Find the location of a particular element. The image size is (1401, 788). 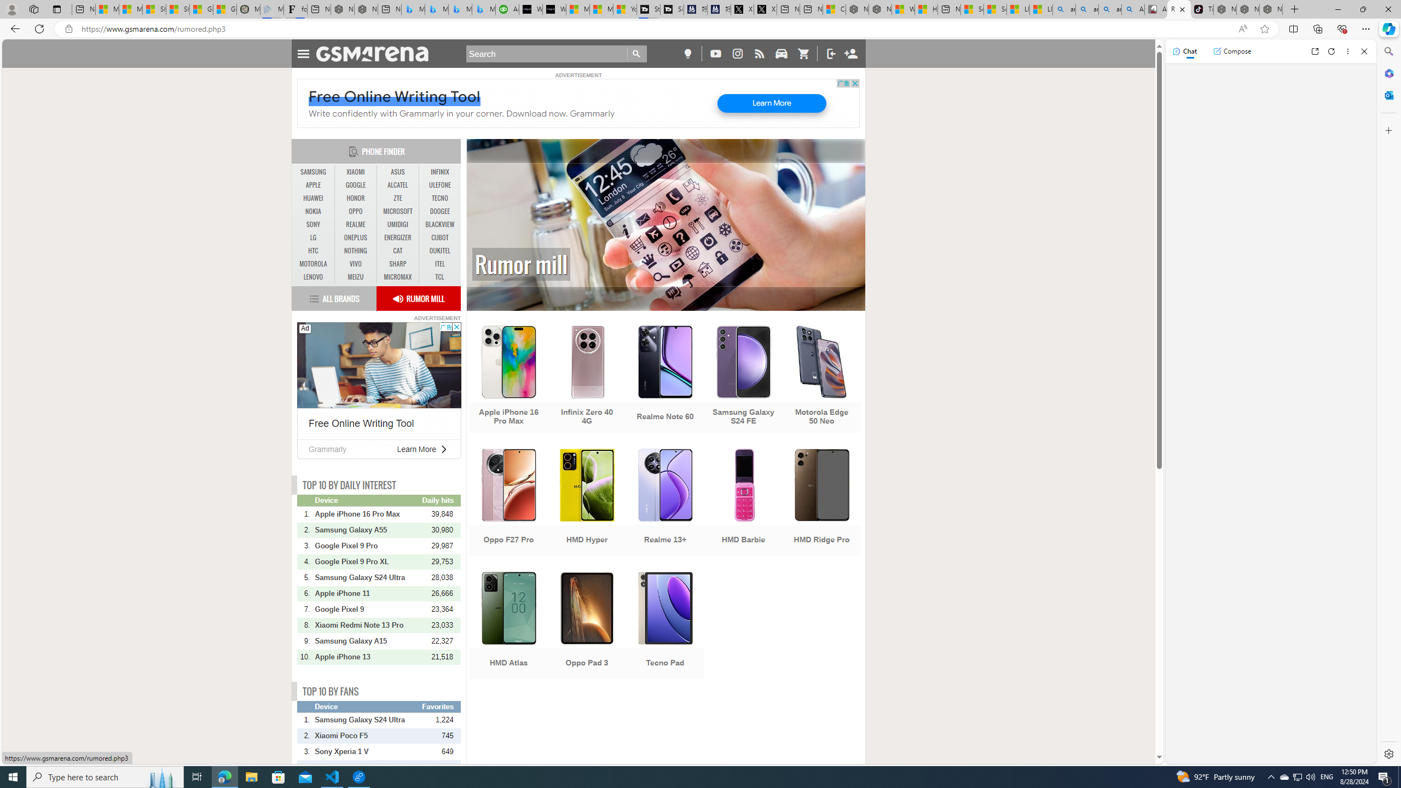

'ULEFONE' is located at coordinates (439, 184).